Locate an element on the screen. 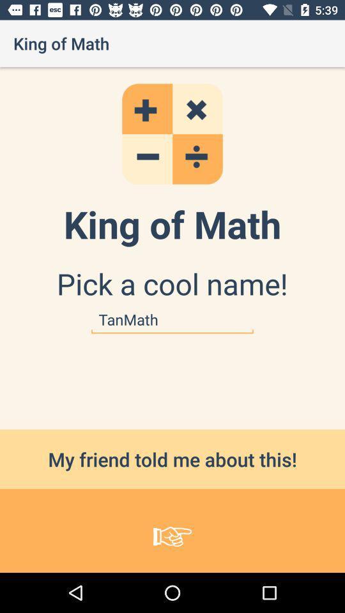 The height and width of the screenshot is (613, 345). the item below the pick a cool item is located at coordinates (172, 319).